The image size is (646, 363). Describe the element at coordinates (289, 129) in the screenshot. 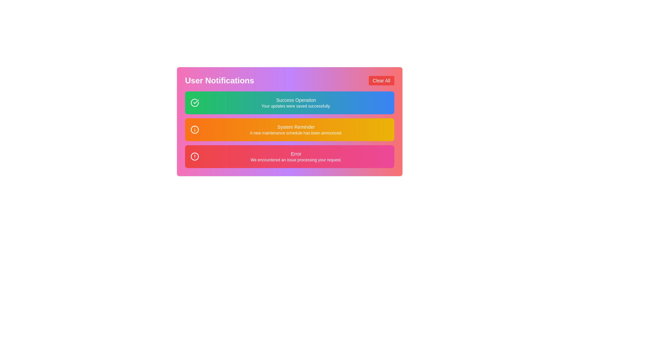

I see `notifications from the Notification list located in the 'User Notifications' section, which features a vertical stack of colorful gradient entries` at that location.